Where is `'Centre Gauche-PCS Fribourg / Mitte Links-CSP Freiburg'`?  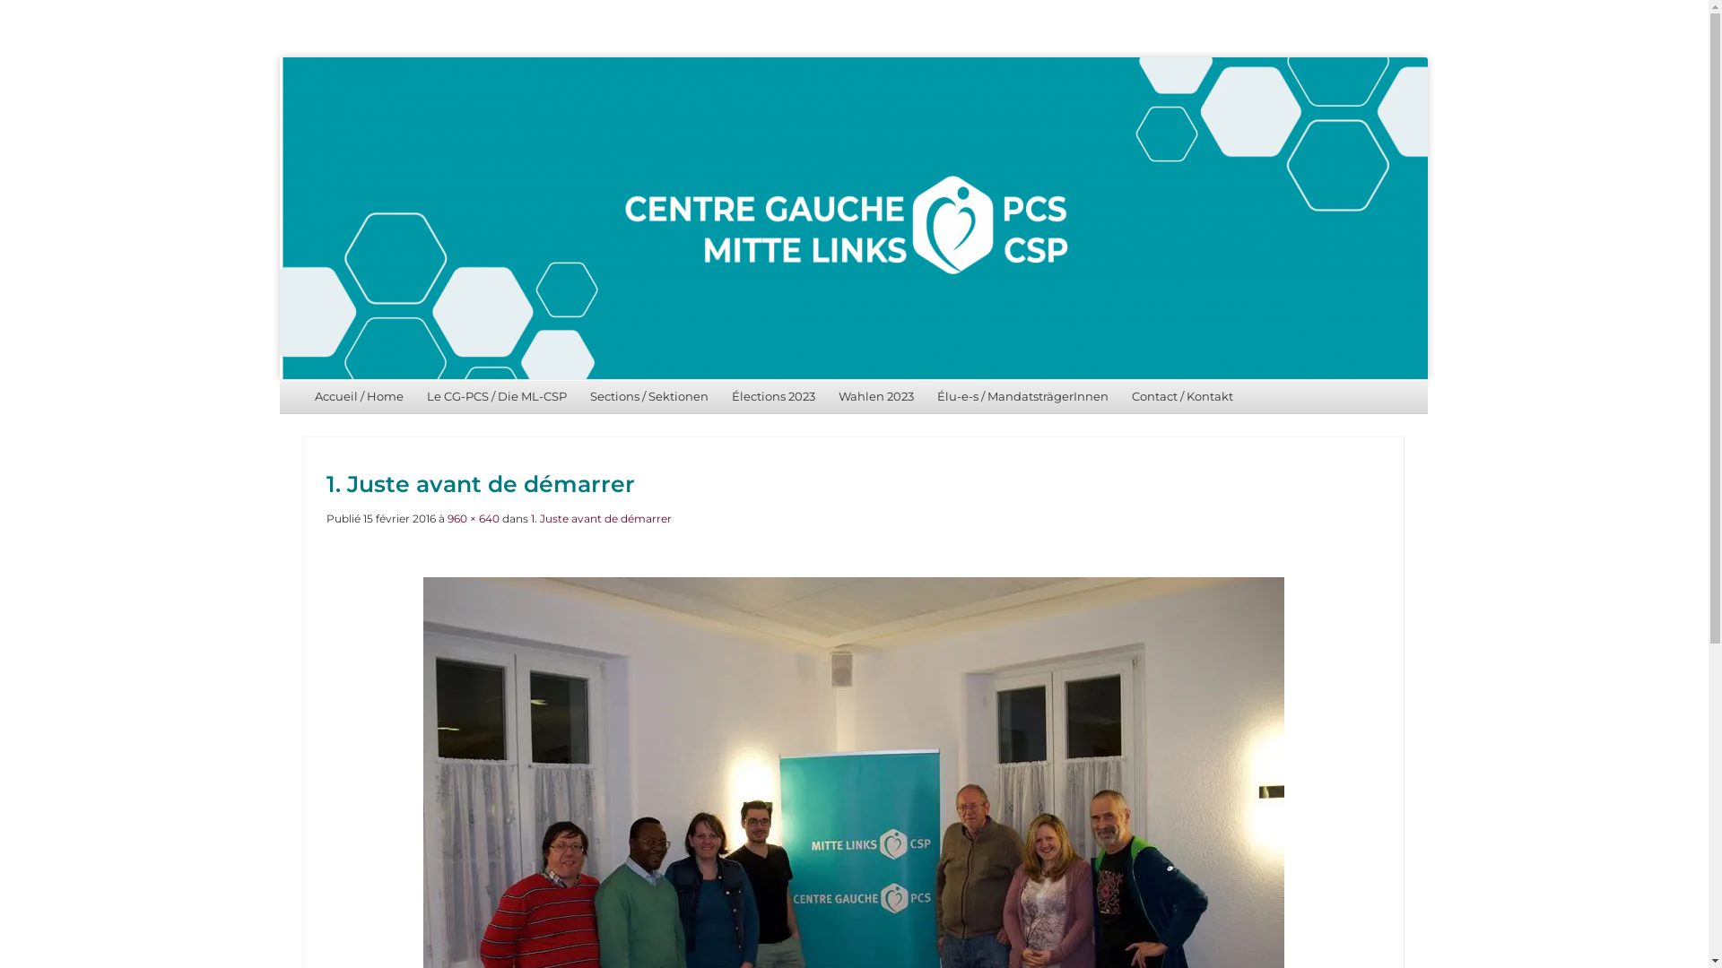
'Centre Gauche-PCS Fribourg / Mitte Links-CSP Freiburg' is located at coordinates (852, 217).